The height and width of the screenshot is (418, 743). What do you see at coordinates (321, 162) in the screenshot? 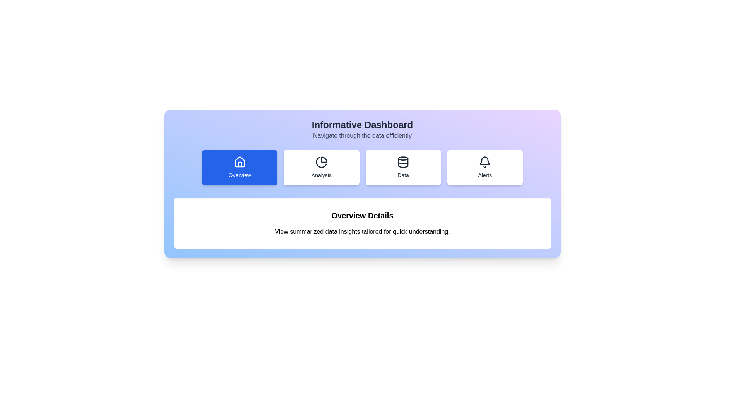
I see `the Icon Shape (Pie Chart Segment) which is part of the 'Analysis' button located between 'Overview' and 'Data'` at bounding box center [321, 162].